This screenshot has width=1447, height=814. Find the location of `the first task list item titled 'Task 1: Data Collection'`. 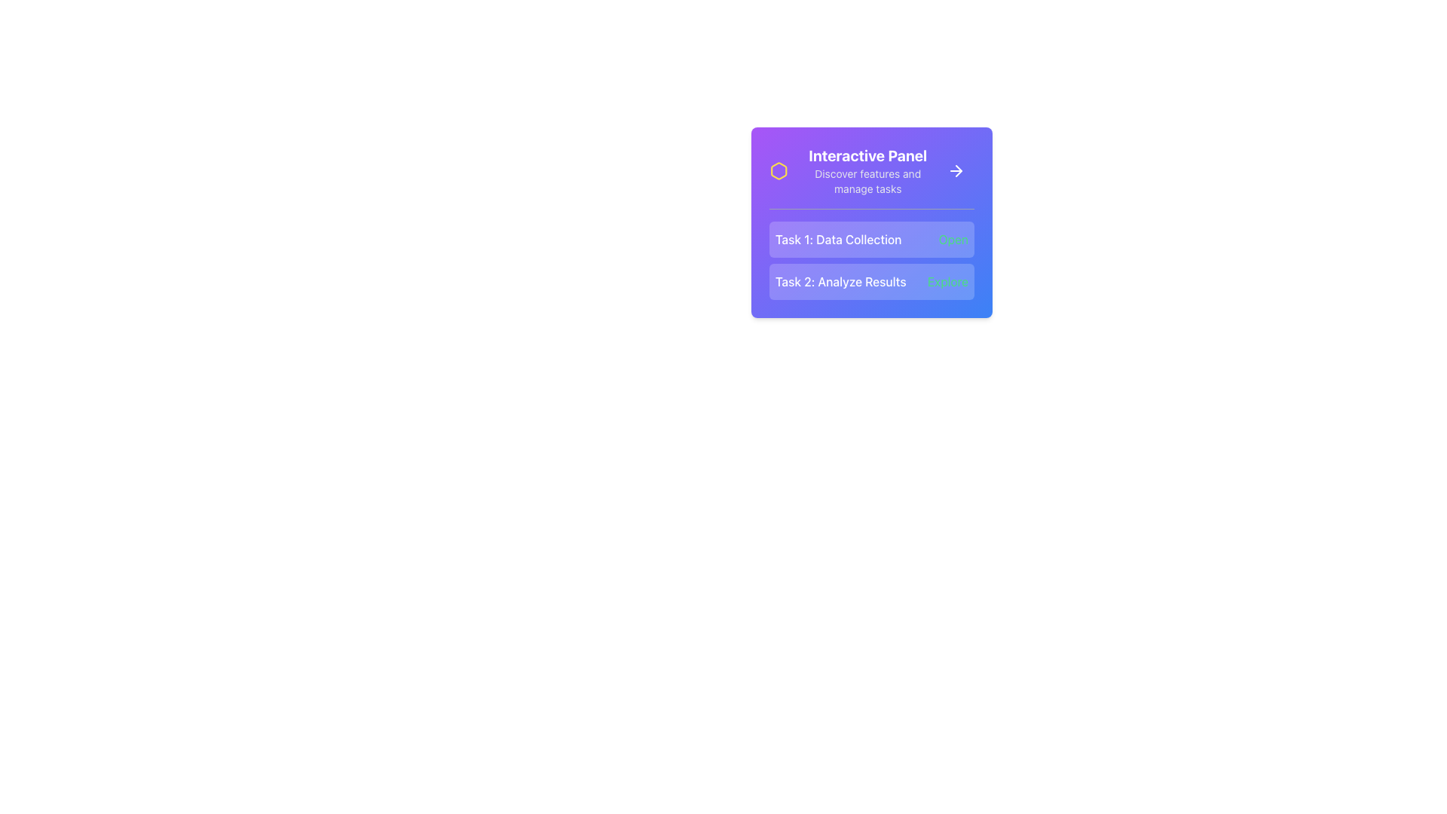

the first task list item titled 'Task 1: Data Collection' is located at coordinates (871, 238).